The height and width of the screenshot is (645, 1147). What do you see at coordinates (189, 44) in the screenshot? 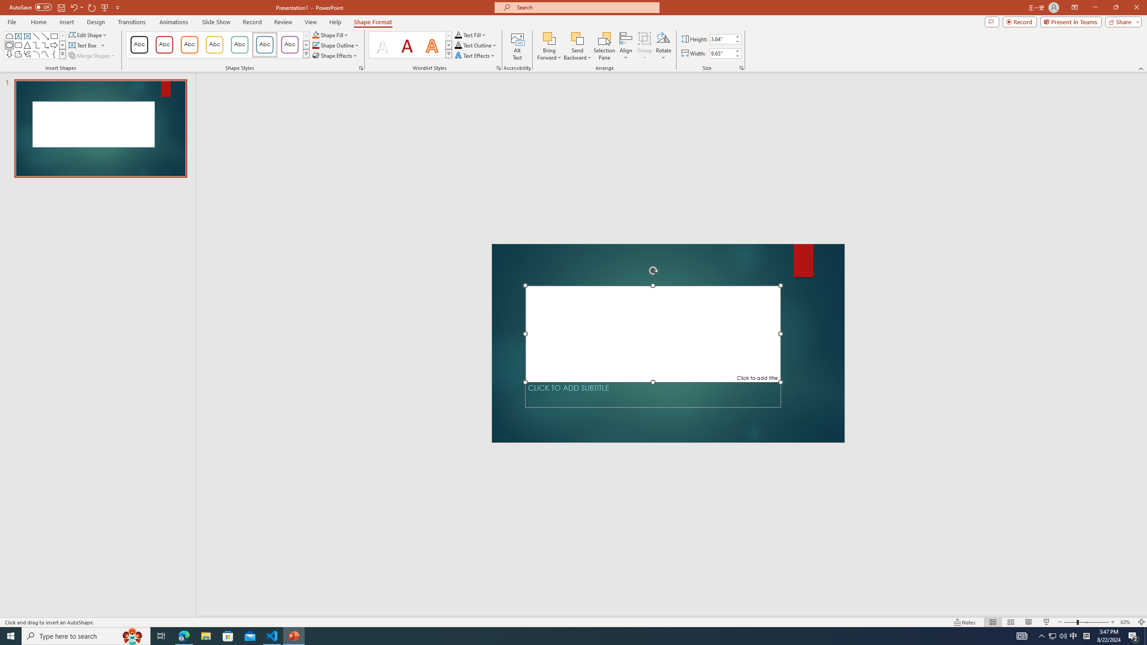
I see `'Colored Outline - Orange, Accent 2'` at bounding box center [189, 44].